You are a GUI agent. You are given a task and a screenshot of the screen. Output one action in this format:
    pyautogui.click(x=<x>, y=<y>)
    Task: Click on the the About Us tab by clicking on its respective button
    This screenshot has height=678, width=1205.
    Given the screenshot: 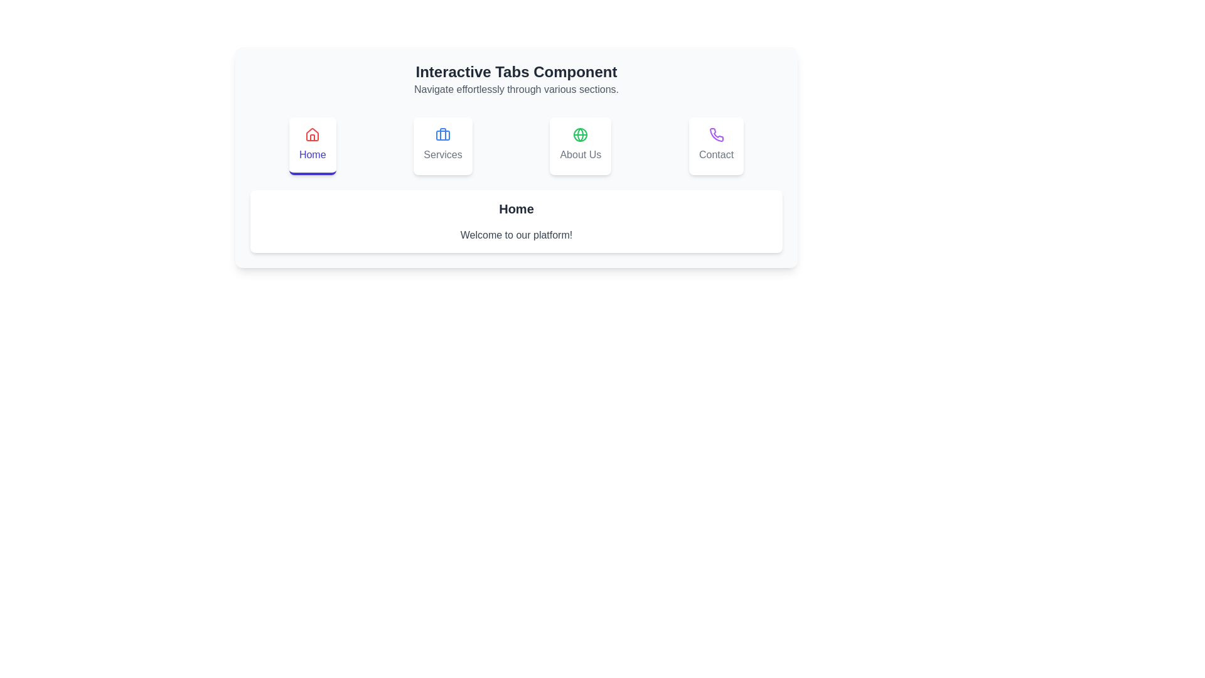 What is the action you would take?
    pyautogui.click(x=580, y=145)
    